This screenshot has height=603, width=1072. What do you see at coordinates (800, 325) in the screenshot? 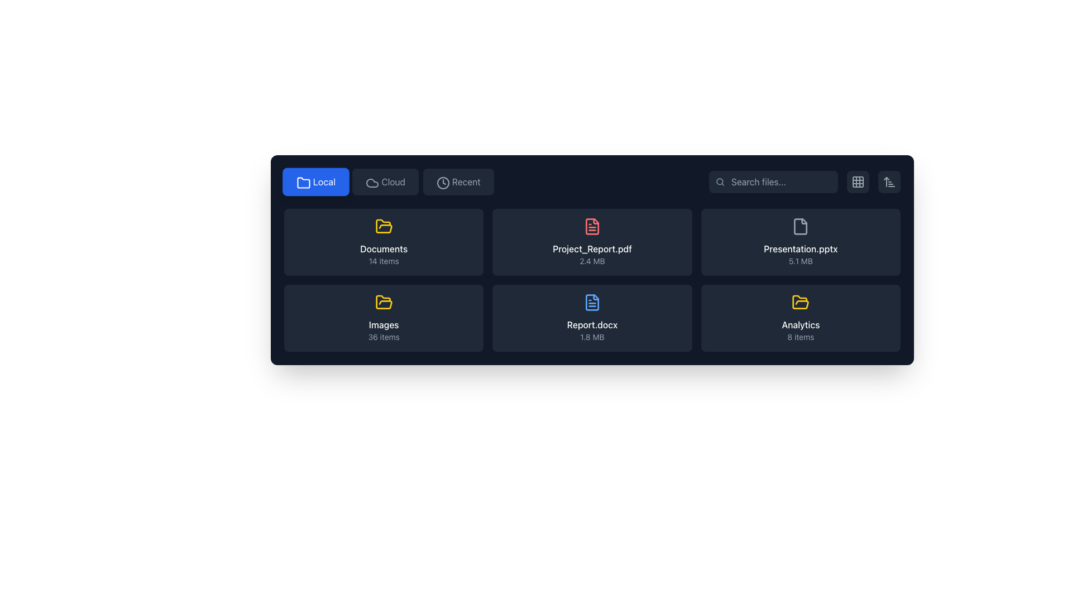
I see `the Text label that identifies the 'Analytics' folder in the lower-right section of the grid layout` at bounding box center [800, 325].